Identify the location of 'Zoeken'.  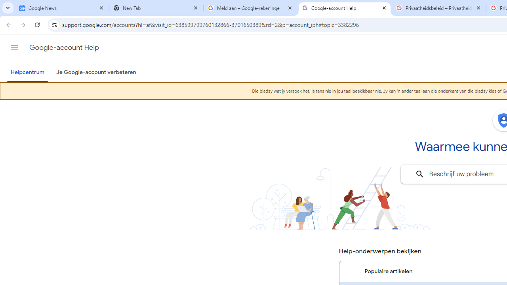
(419, 173).